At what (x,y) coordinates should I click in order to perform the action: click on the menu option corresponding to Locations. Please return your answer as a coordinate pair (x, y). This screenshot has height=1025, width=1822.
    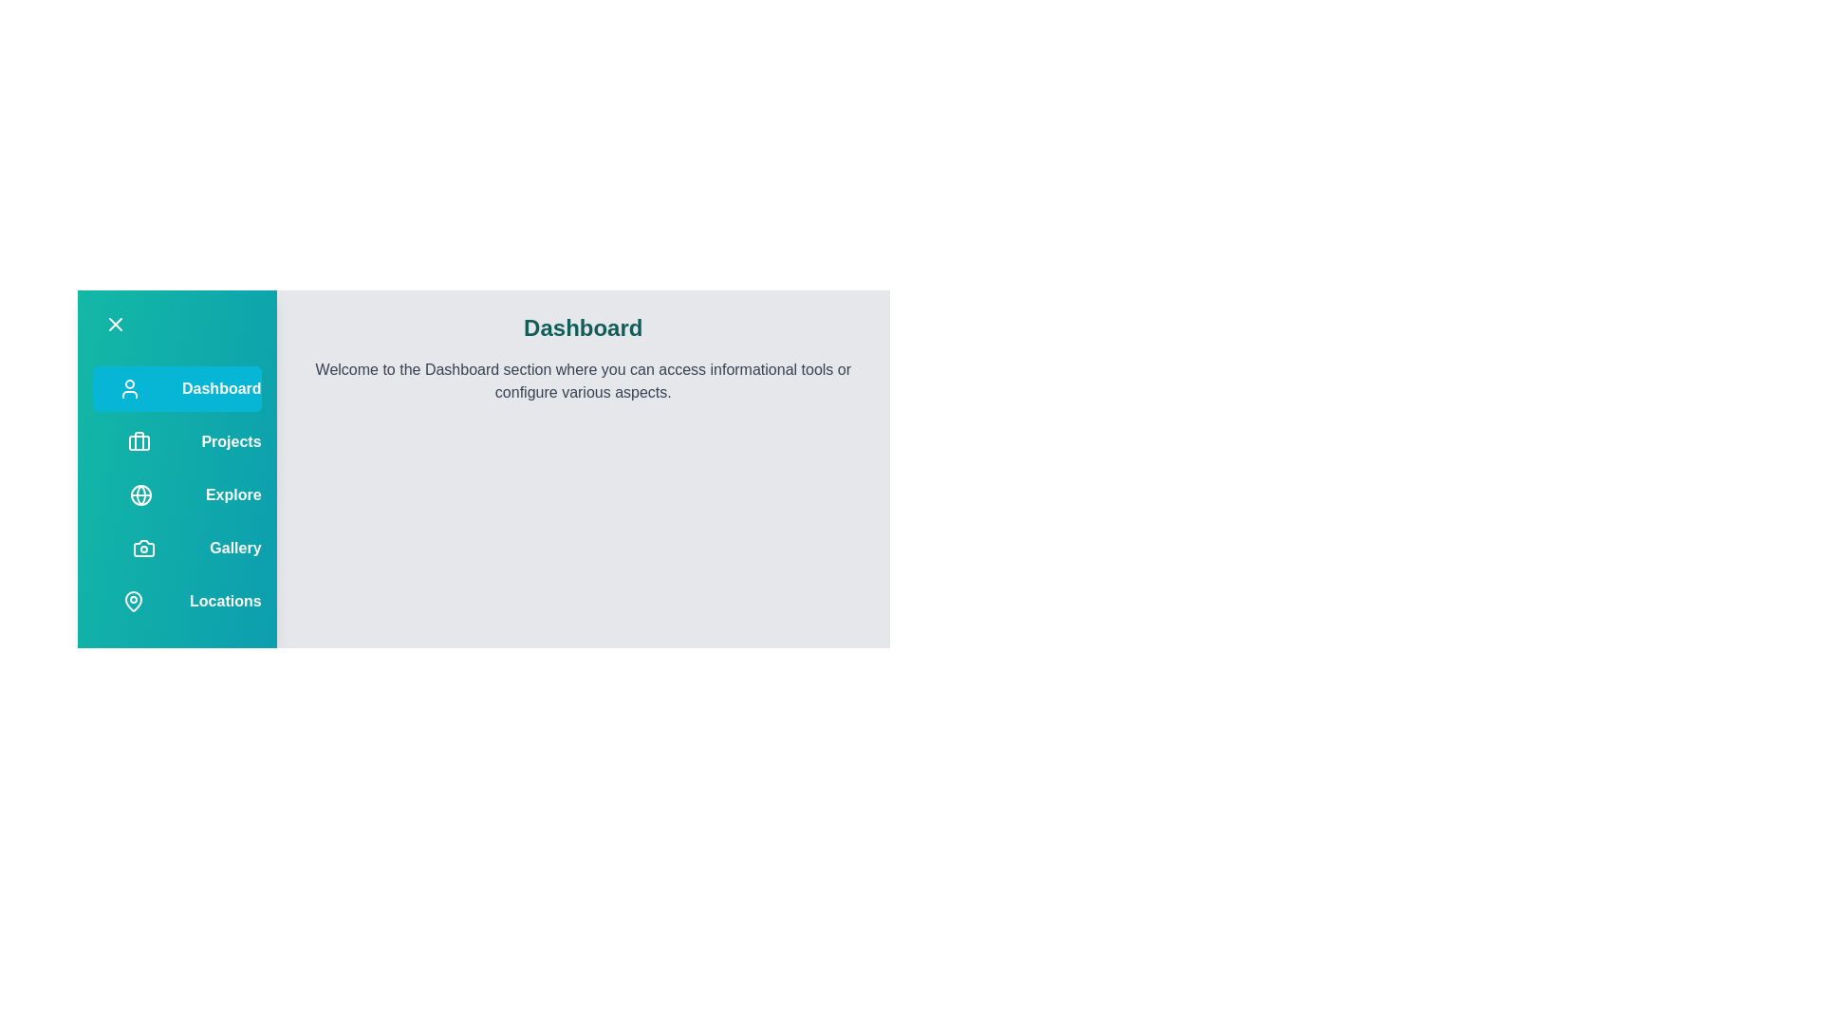
    Looking at the image, I should click on (132, 601).